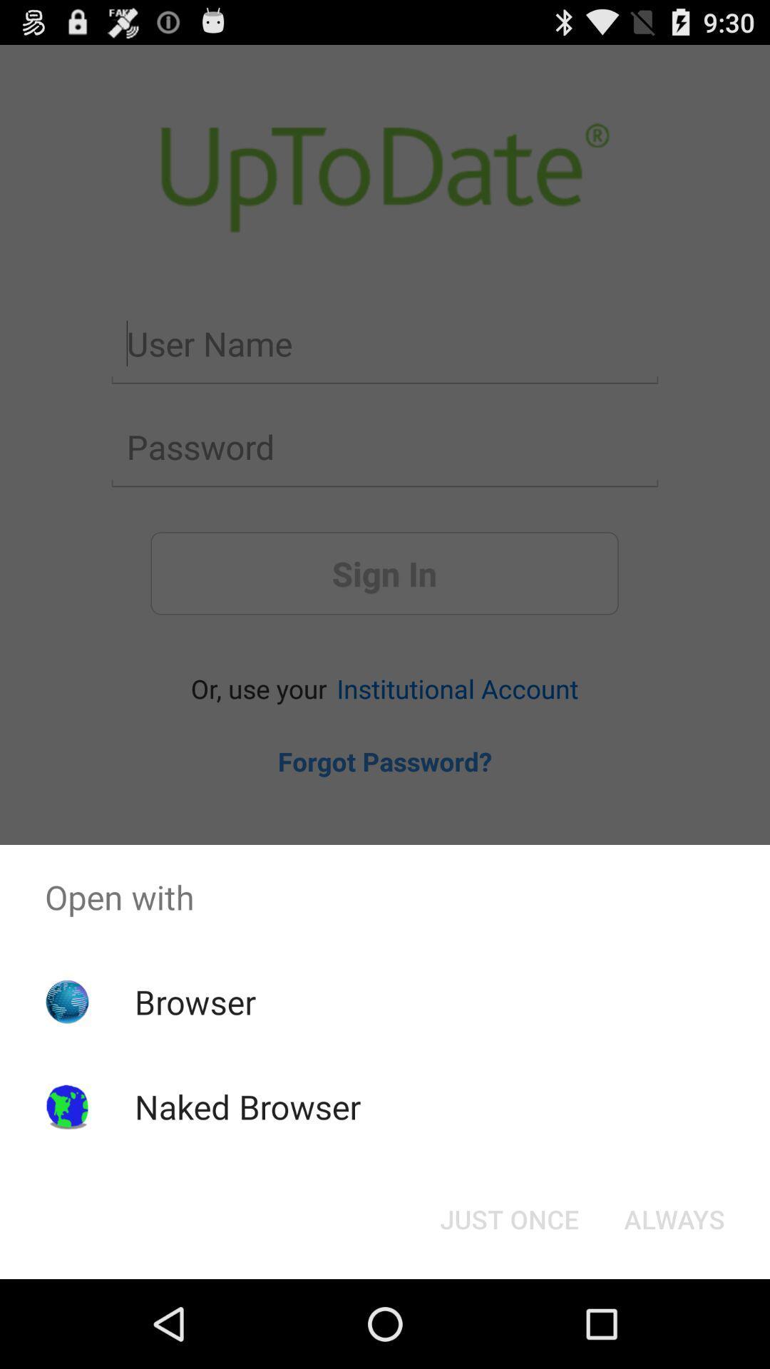  I want to click on always button, so click(674, 1218).